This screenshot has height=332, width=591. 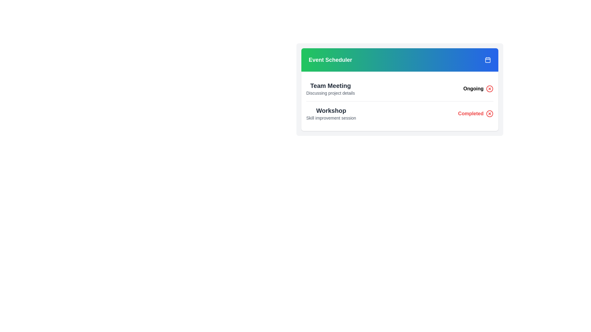 What do you see at coordinates (489, 114) in the screenshot?
I see `the action icon button located in the bottom row of the 'Event Scheduler' card, aligned to the right of the text 'Completed'` at bounding box center [489, 114].